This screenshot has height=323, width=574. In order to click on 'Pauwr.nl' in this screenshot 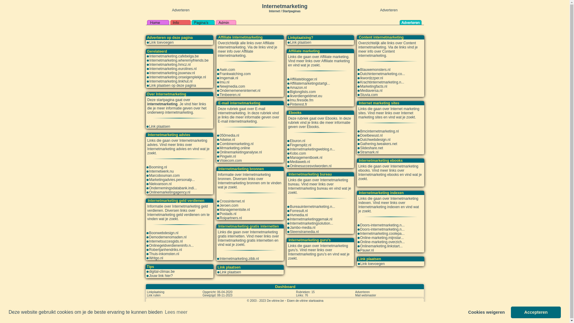, I will do `click(367, 250)`.